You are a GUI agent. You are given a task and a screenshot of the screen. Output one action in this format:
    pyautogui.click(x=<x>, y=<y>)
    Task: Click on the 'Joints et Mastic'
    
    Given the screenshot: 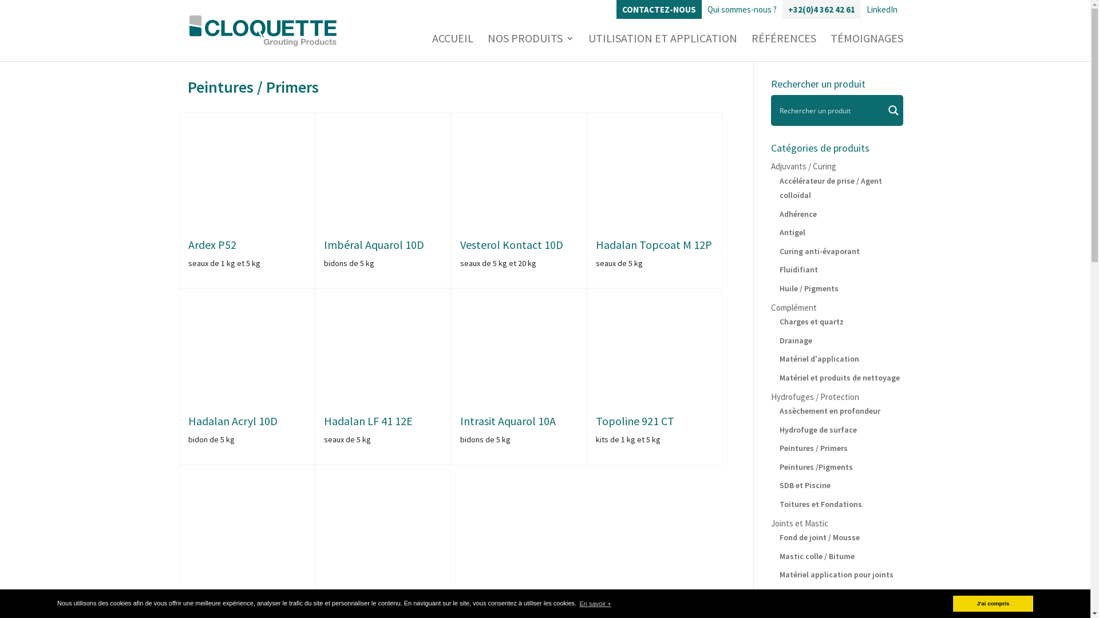 What is the action you would take?
    pyautogui.click(x=798, y=522)
    